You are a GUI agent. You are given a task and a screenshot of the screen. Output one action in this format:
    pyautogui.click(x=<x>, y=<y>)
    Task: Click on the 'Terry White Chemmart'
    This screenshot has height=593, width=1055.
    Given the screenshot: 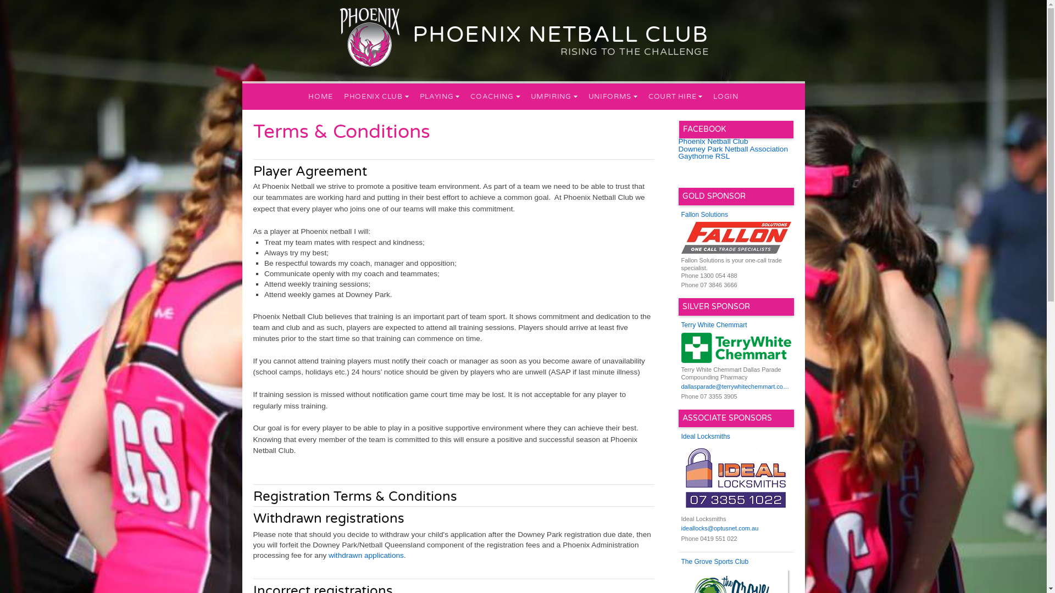 What is the action you would take?
    pyautogui.click(x=680, y=325)
    